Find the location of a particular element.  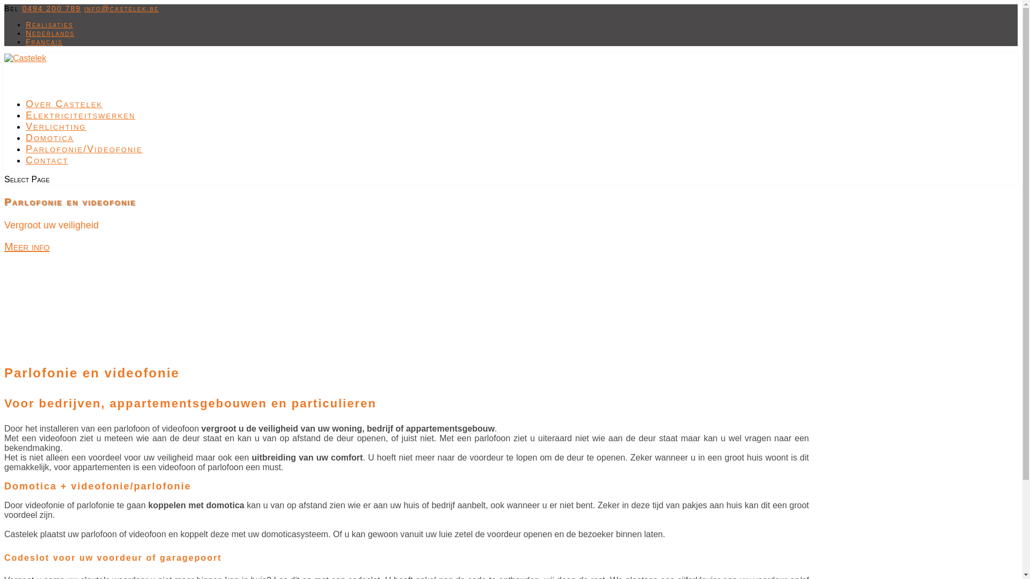

'Nederlands' is located at coordinates (49, 32).